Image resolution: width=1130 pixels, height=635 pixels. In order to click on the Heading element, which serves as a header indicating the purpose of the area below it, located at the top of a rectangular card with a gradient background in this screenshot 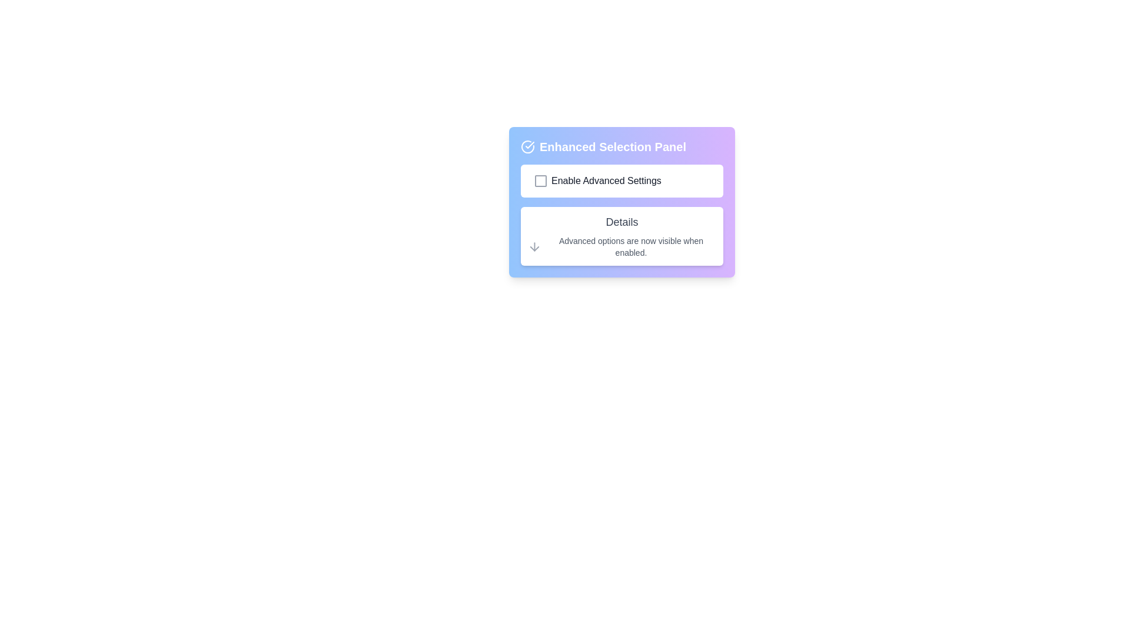, I will do `click(621, 146)`.